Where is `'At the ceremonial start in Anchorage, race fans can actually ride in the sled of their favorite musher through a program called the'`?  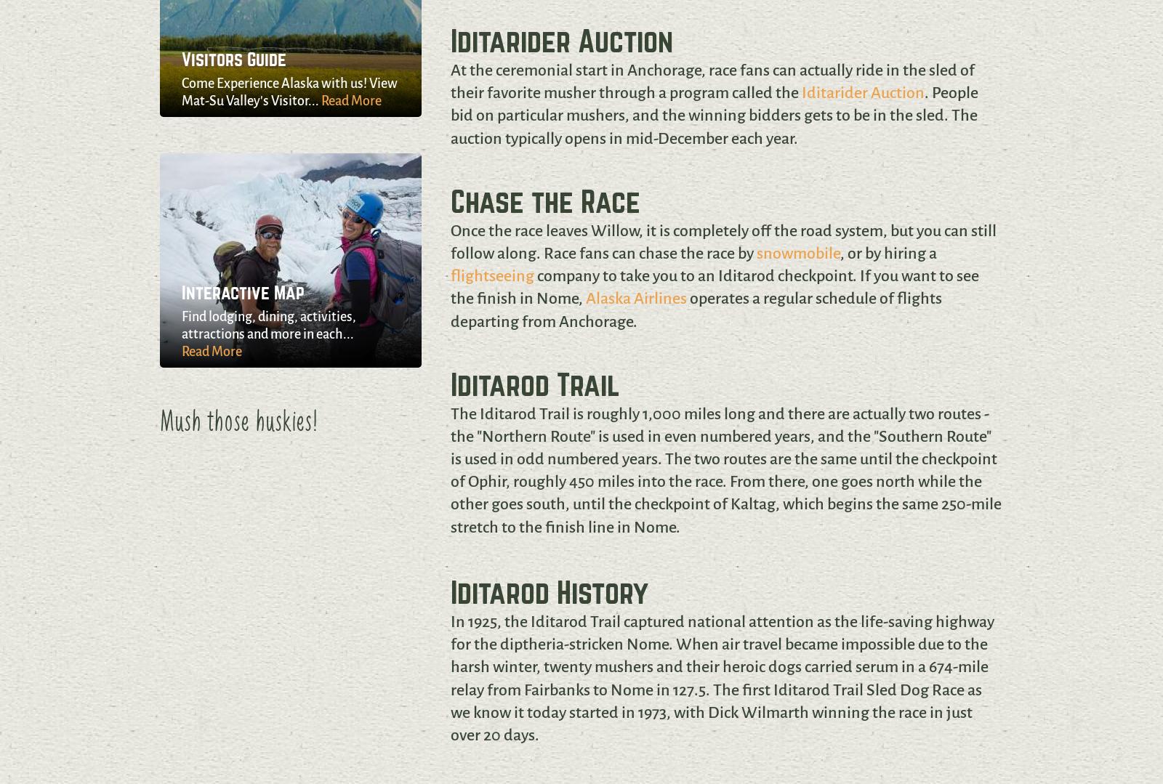 'At the ceremonial start in Anchorage, race fans can actually ride in the sled of their favorite musher through a program called the' is located at coordinates (711, 81).